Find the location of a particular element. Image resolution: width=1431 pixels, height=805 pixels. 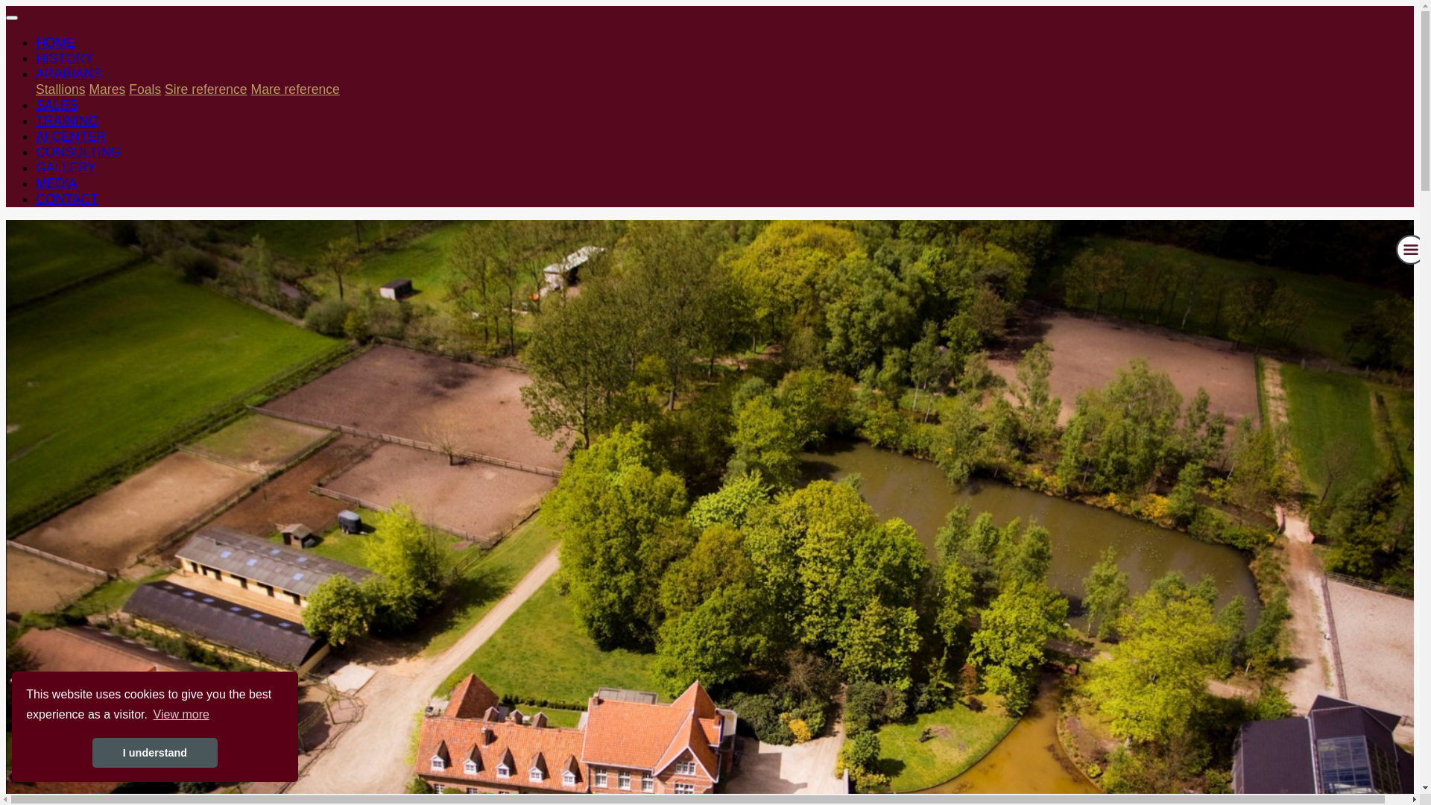

'HISTORY' is located at coordinates (63, 57).